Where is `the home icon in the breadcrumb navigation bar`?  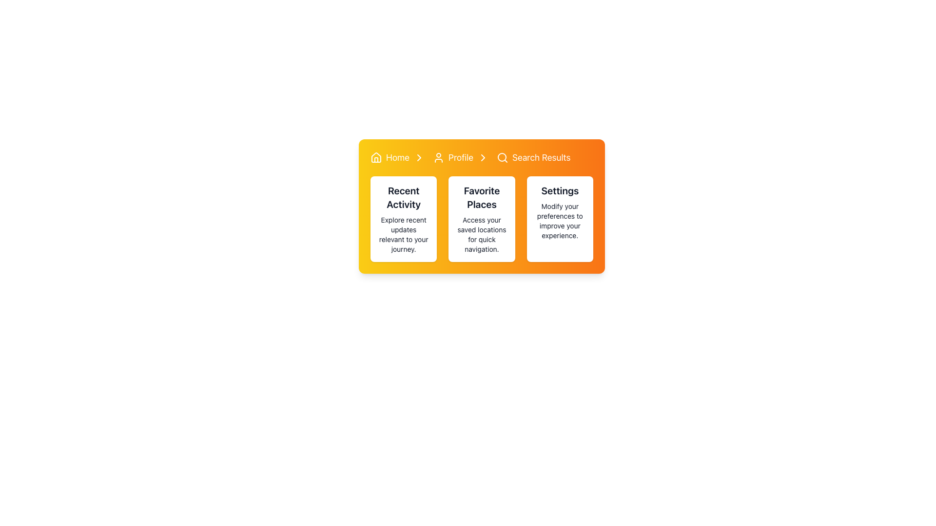 the home icon in the breadcrumb navigation bar is located at coordinates (376, 157).